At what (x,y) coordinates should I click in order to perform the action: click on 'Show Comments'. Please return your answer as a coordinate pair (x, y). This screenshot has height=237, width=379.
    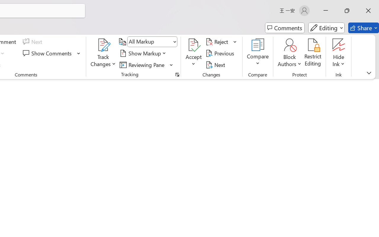
    Looking at the image, I should click on (48, 53).